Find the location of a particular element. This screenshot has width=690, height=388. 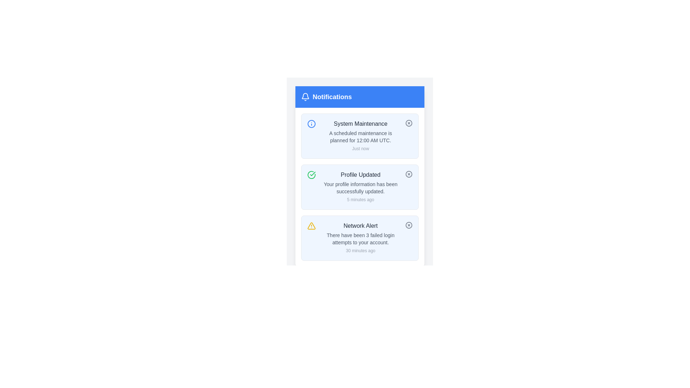

text of the heading located at the top-left section of the blue bar indicating notifications is located at coordinates (326, 97).